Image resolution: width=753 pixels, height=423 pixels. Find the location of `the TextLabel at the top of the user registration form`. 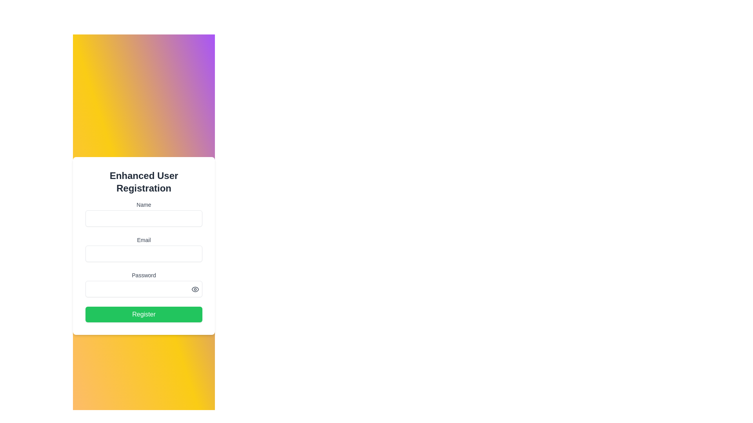

the TextLabel at the top of the user registration form is located at coordinates (144, 182).